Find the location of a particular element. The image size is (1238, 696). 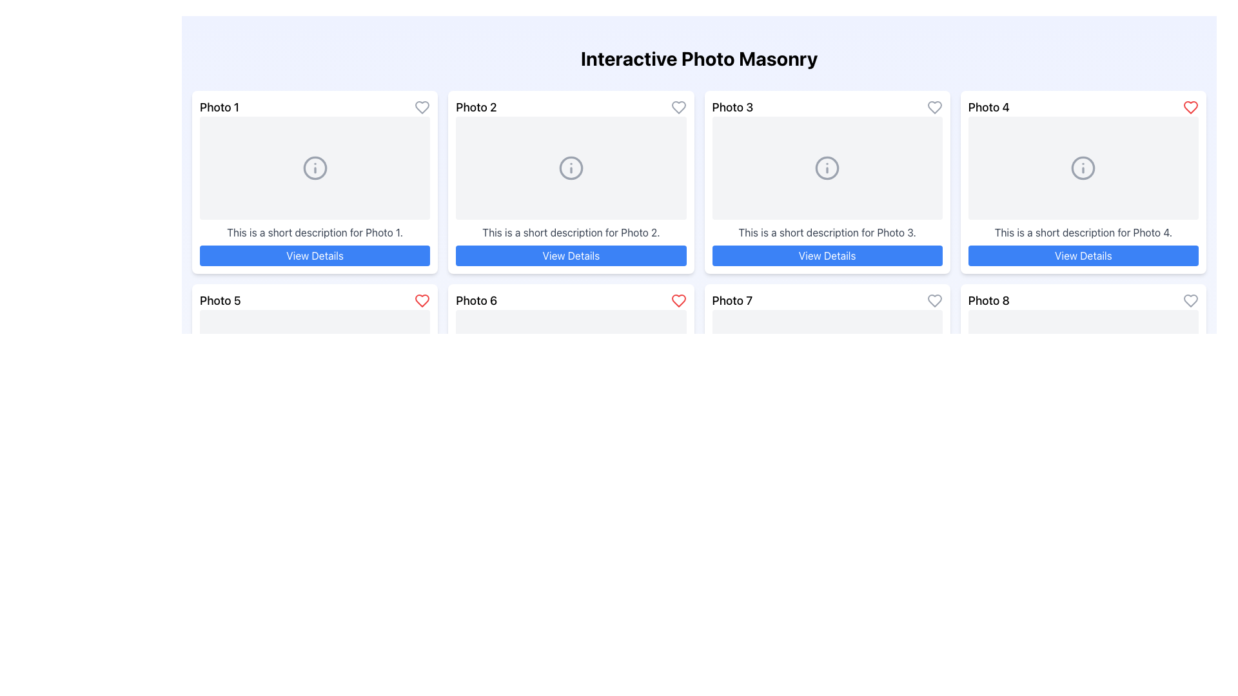

the solid circle within the information icon located in the third 'Photo' grid item's image placeholder from the left in the top row is located at coordinates (827, 168).